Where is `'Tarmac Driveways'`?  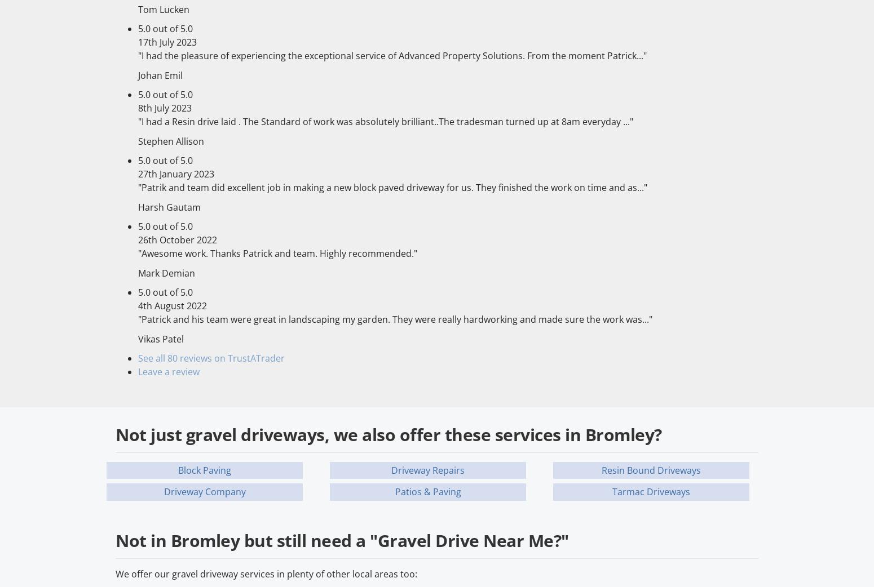 'Tarmac Driveways' is located at coordinates (651, 491).